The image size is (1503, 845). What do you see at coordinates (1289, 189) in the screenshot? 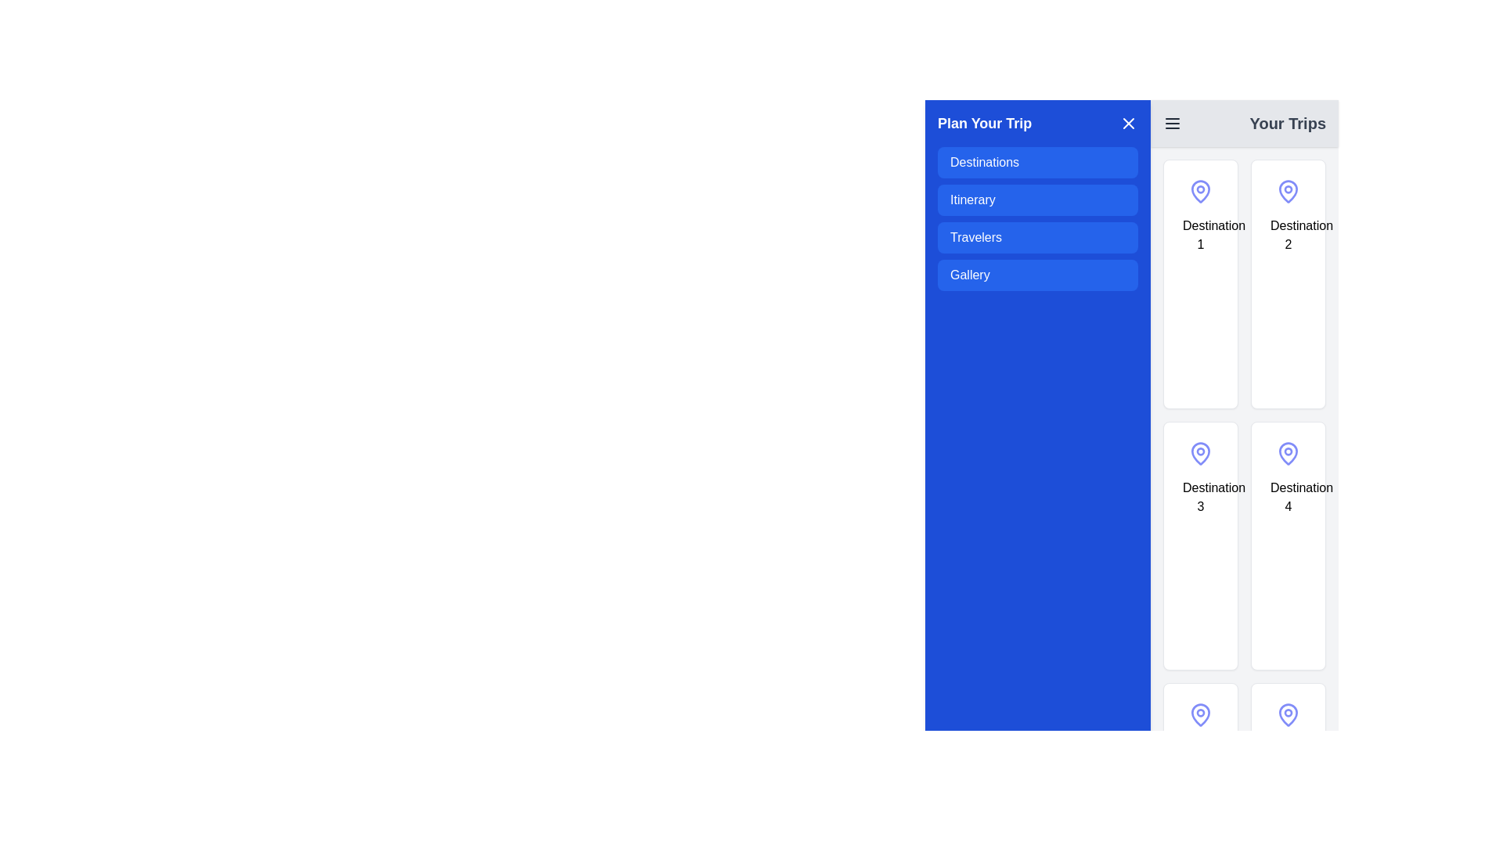
I see `the map pin icon representing a specific location in the second card of the 'Your Trips' section, under 'Destination 2'` at bounding box center [1289, 189].